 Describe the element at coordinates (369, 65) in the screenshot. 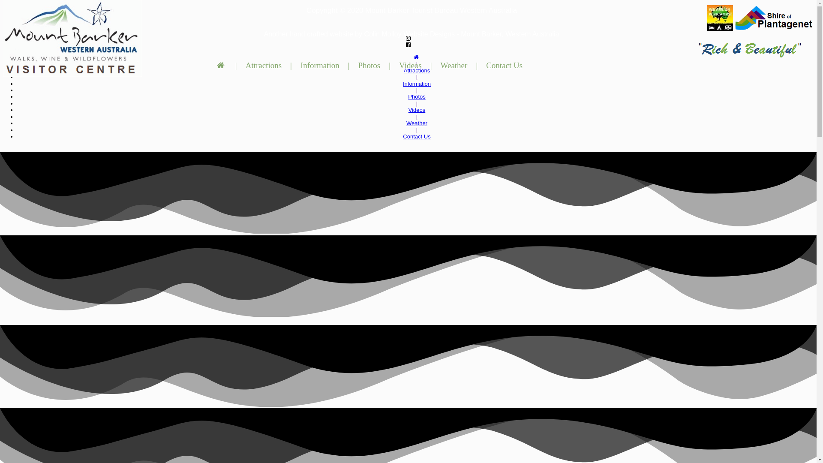

I see `'Photos'` at that location.